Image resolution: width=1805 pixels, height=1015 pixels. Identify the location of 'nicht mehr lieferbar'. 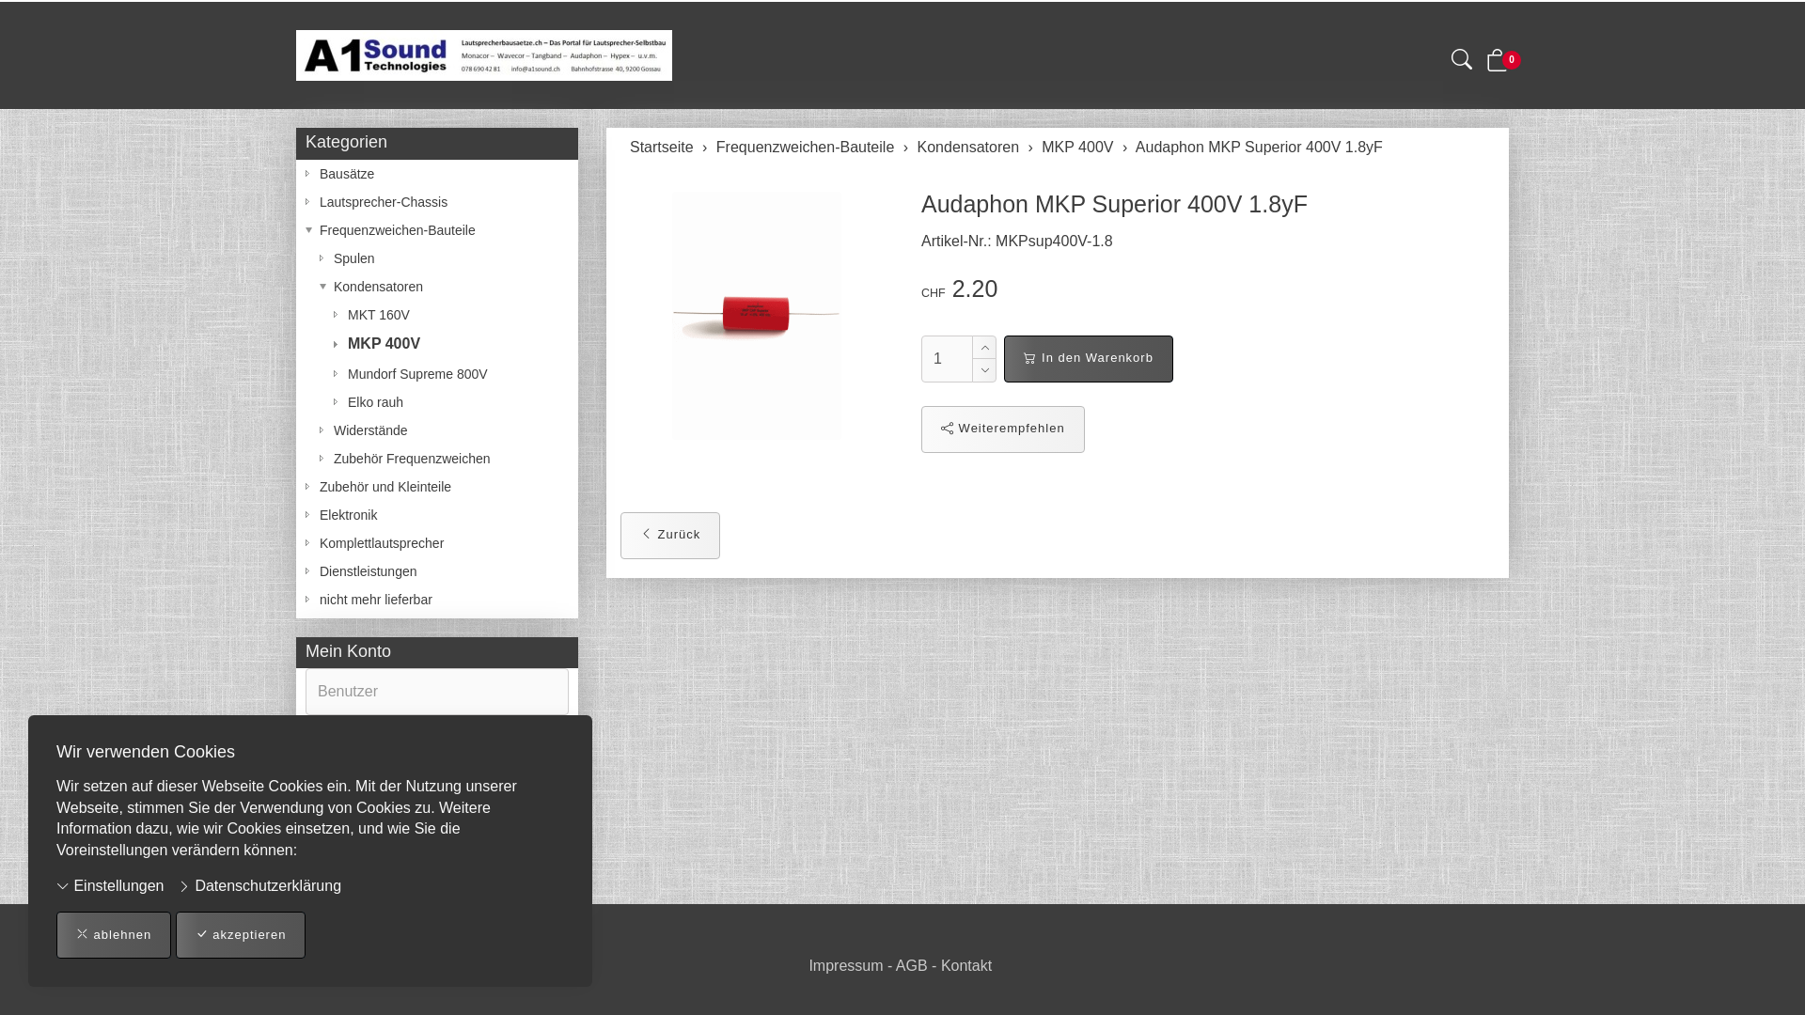
(436, 599).